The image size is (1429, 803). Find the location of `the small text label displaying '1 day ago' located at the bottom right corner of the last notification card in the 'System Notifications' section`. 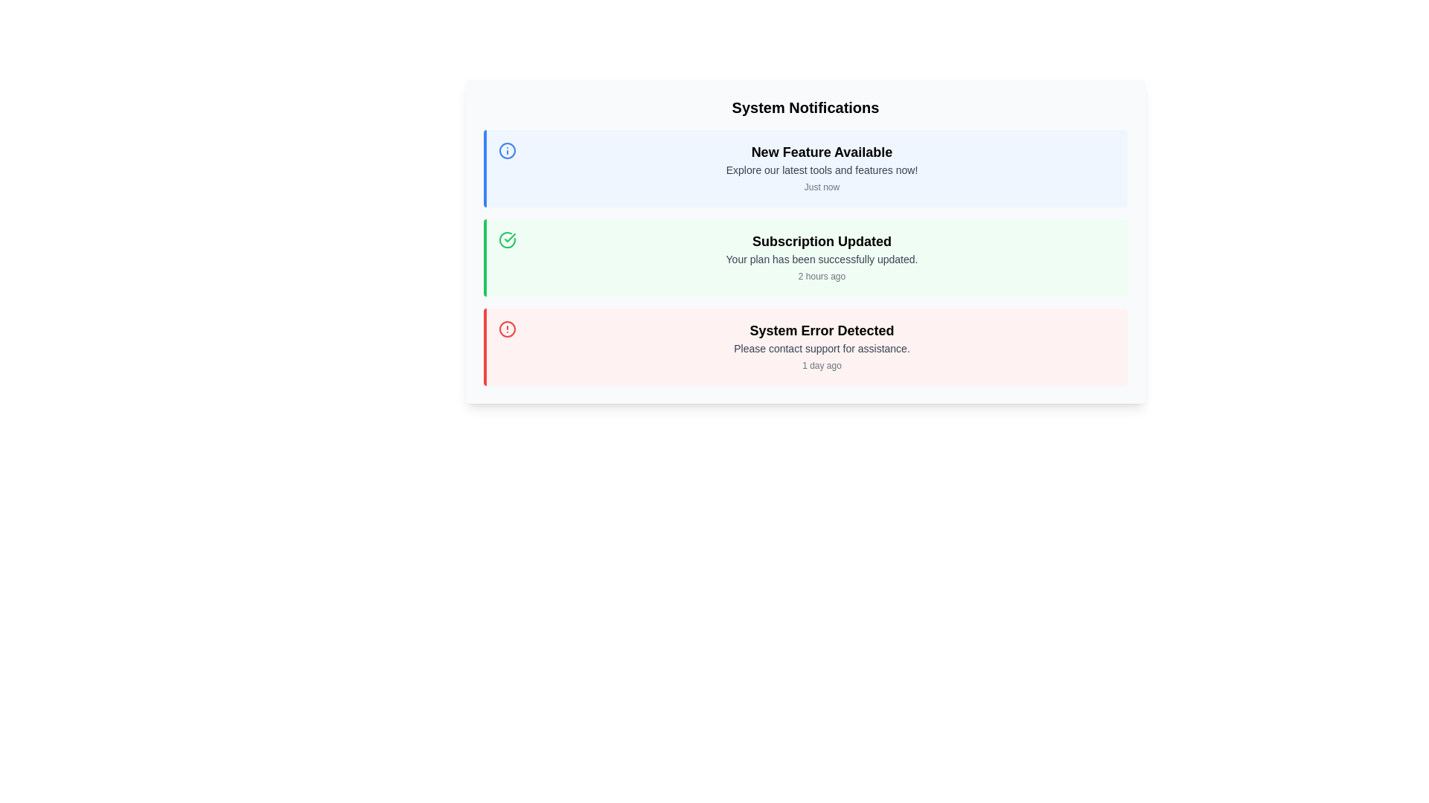

the small text label displaying '1 day ago' located at the bottom right corner of the last notification card in the 'System Notifications' section is located at coordinates (821, 366).